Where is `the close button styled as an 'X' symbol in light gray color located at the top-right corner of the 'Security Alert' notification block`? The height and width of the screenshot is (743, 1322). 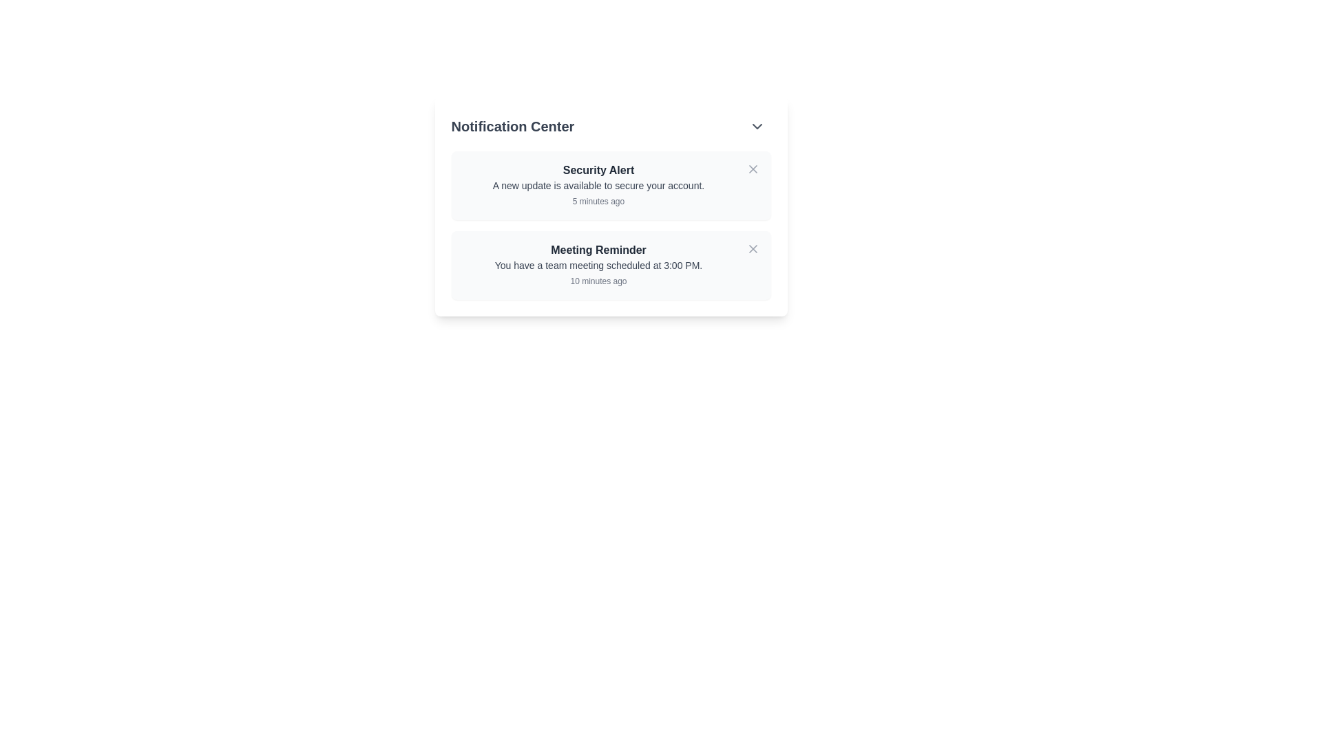
the close button styled as an 'X' symbol in light gray color located at the top-right corner of the 'Security Alert' notification block is located at coordinates (752, 169).